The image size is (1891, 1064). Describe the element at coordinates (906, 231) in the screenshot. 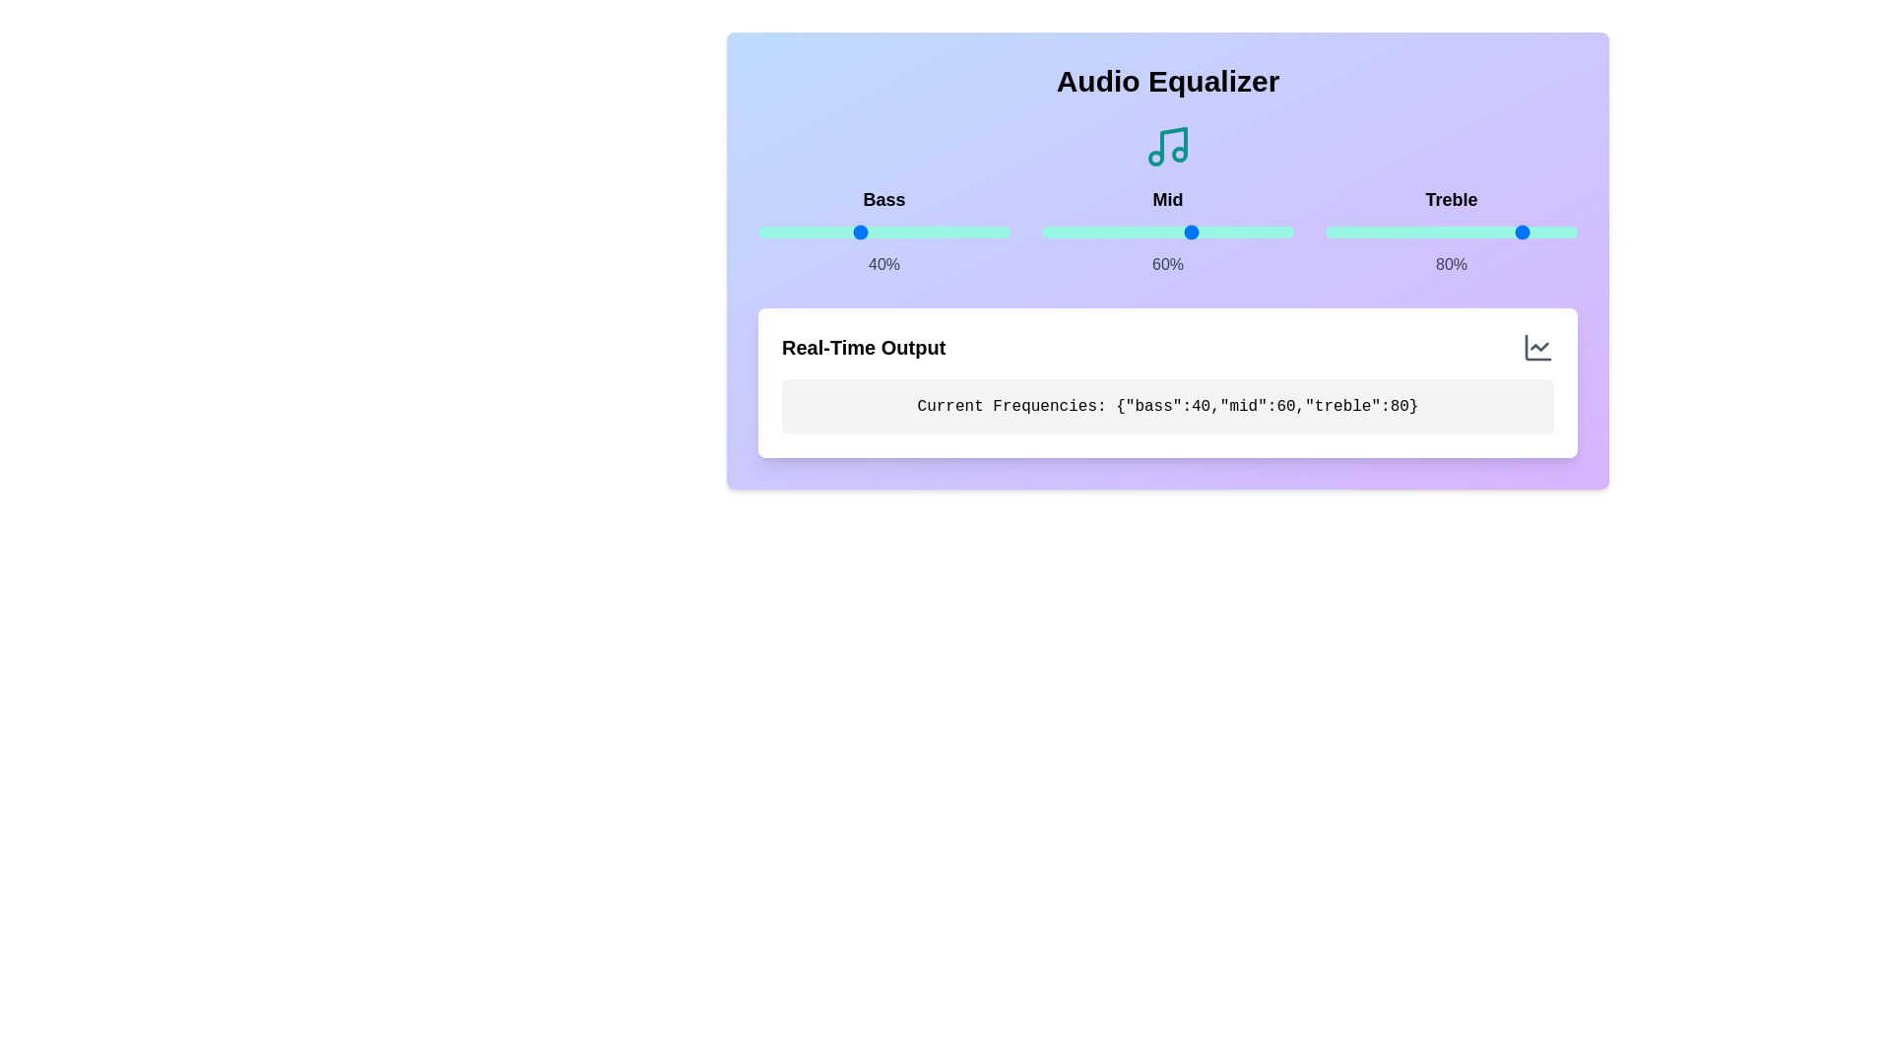

I see `bass level` at that location.